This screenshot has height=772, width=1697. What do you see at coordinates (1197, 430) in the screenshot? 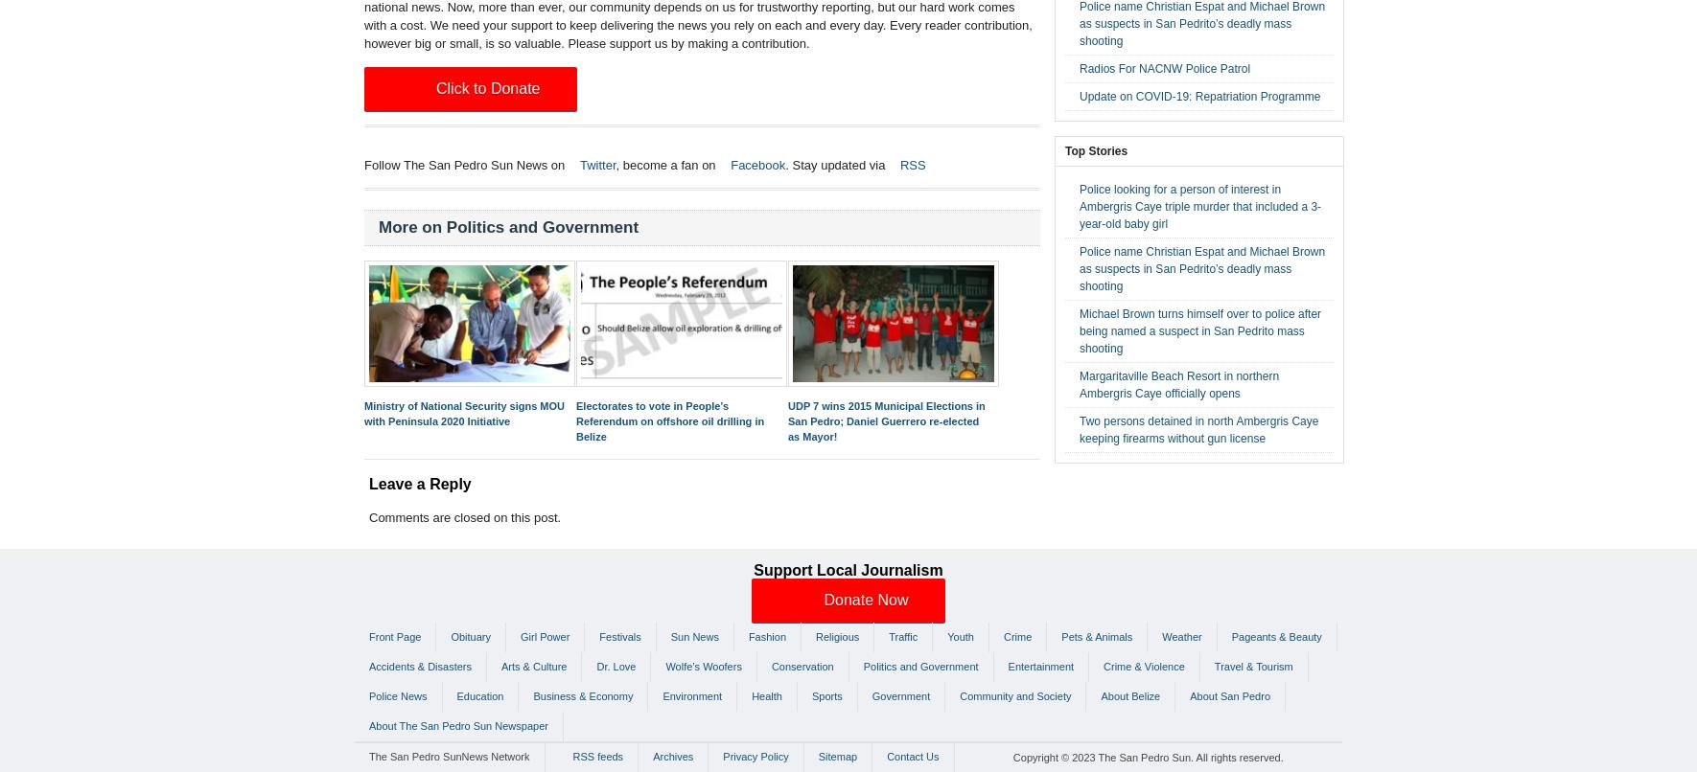
I see `'Two persons detained in north Ambergris Caye keeping firearms without gun license'` at bounding box center [1197, 430].